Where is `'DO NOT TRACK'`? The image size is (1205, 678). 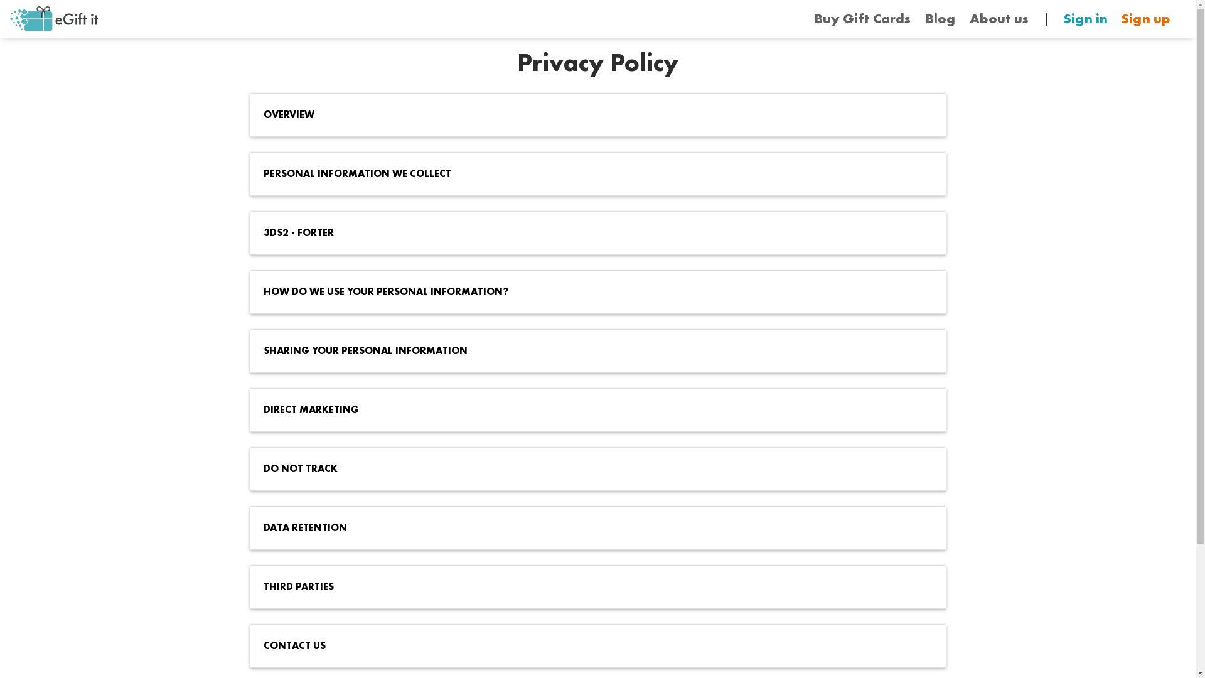
'DO NOT TRACK' is located at coordinates (252, 469).